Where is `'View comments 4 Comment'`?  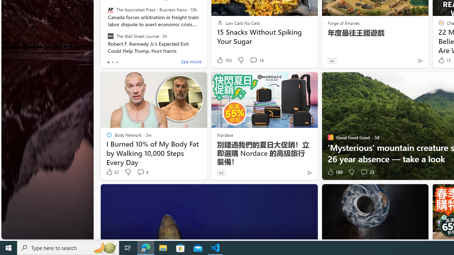
'View comments 4 Comment' is located at coordinates (142, 172).